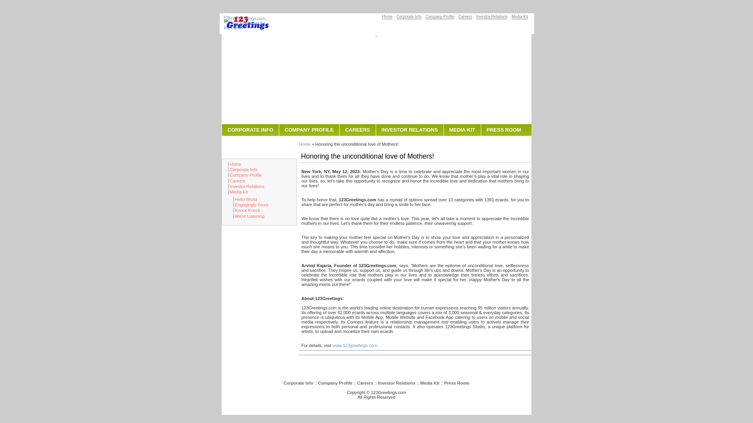 The width and height of the screenshot is (753, 423). What do you see at coordinates (397, 383) in the screenshot?
I see `'Investor Relations'` at bounding box center [397, 383].